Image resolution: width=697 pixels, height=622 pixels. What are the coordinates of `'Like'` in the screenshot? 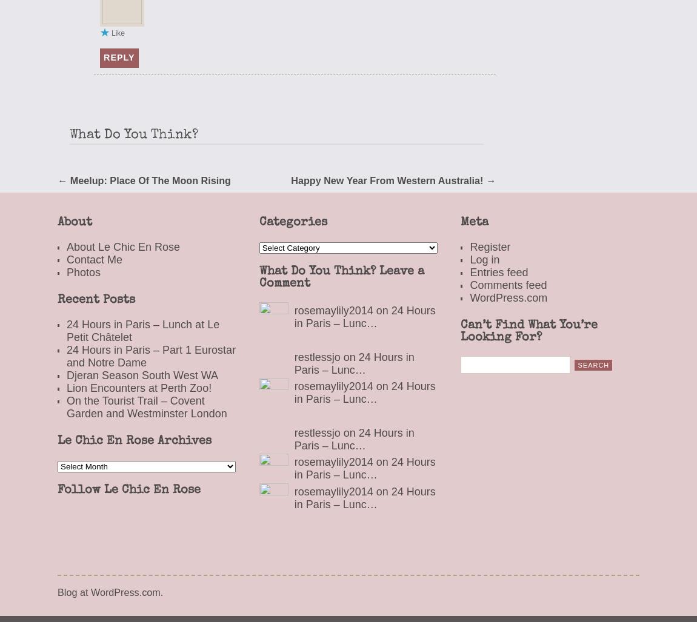 It's located at (118, 33).